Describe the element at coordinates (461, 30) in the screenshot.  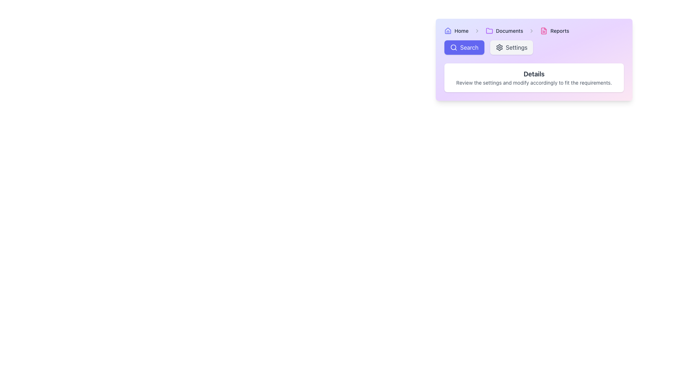
I see `the 'Home' label, which is a static text element styled in gray (#808080) located in the top-right navigation bar, next to a house icon` at that location.